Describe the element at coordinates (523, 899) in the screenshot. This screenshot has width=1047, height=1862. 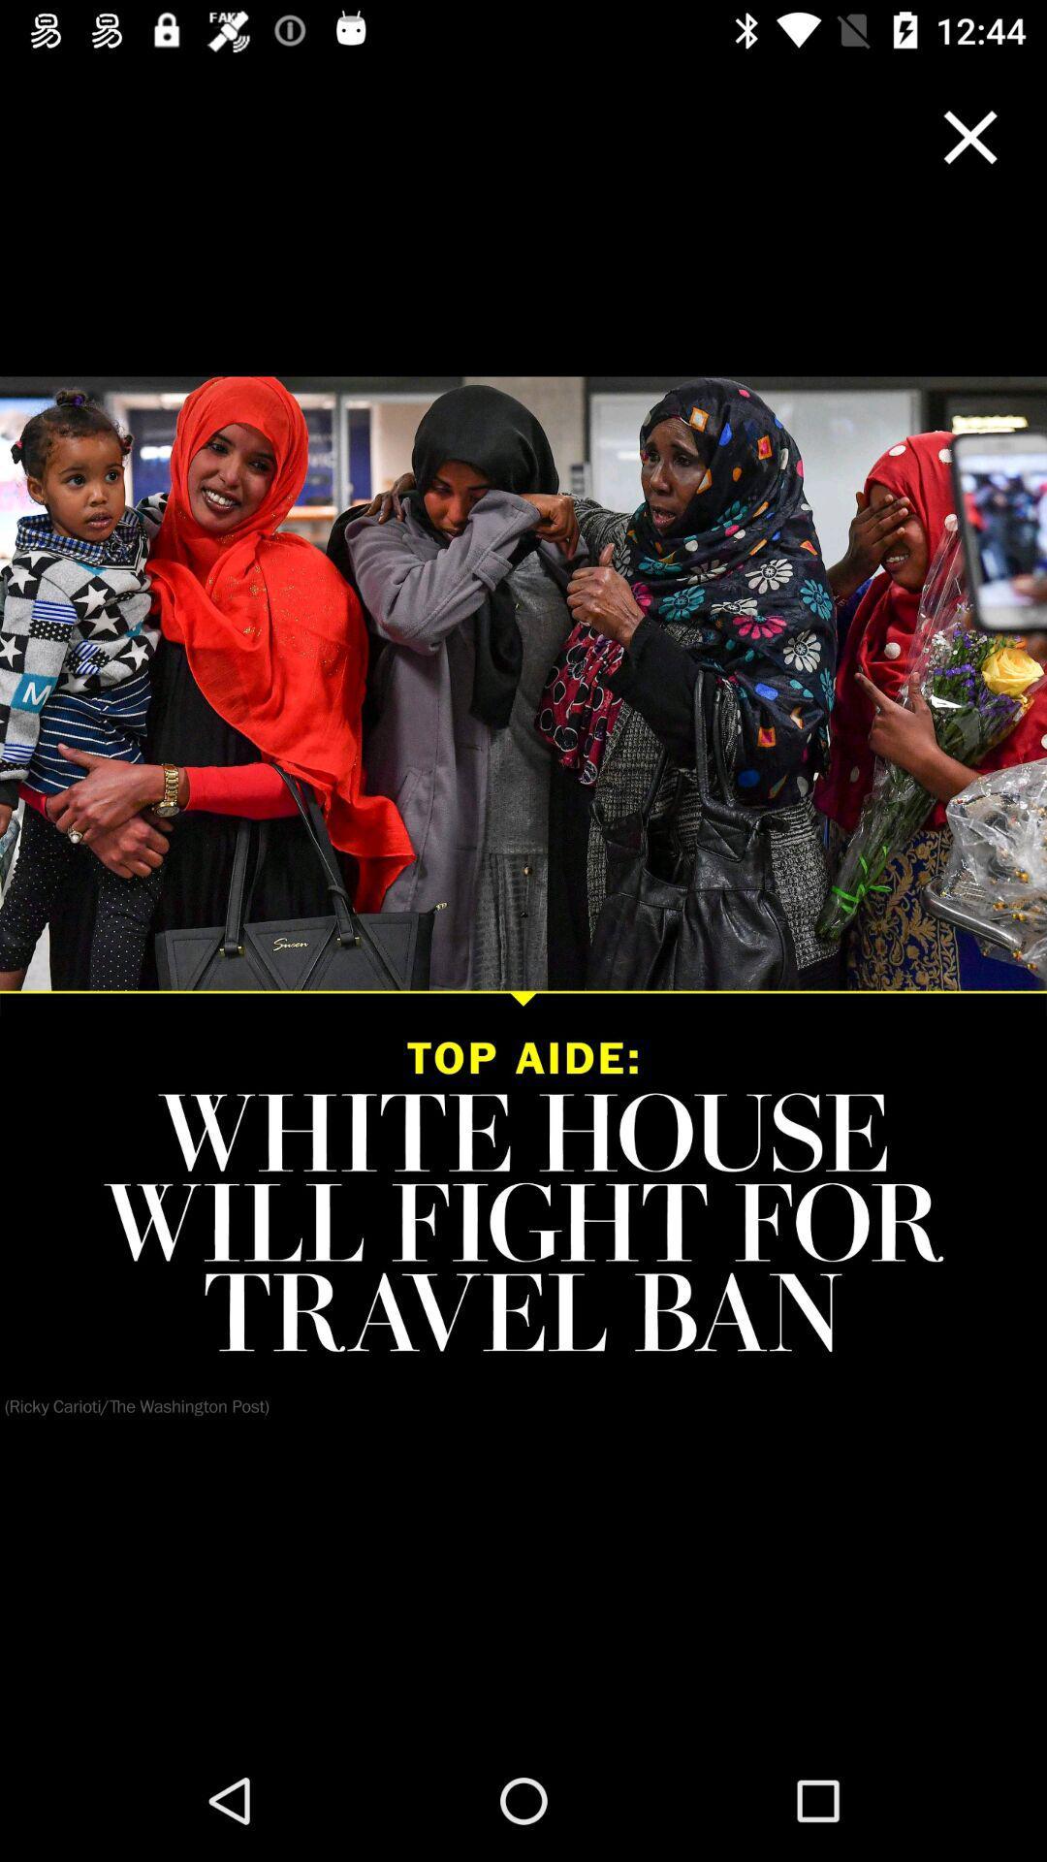
I see `icon at the center` at that location.